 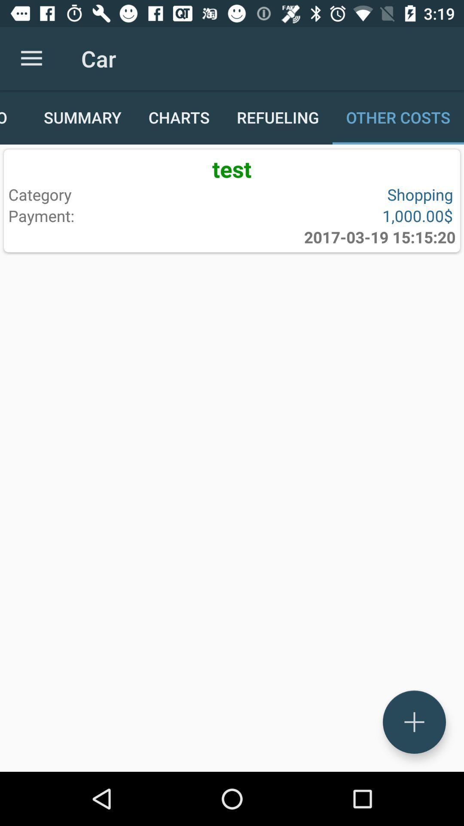 What do you see at coordinates (118, 194) in the screenshot?
I see `item below the test item` at bounding box center [118, 194].